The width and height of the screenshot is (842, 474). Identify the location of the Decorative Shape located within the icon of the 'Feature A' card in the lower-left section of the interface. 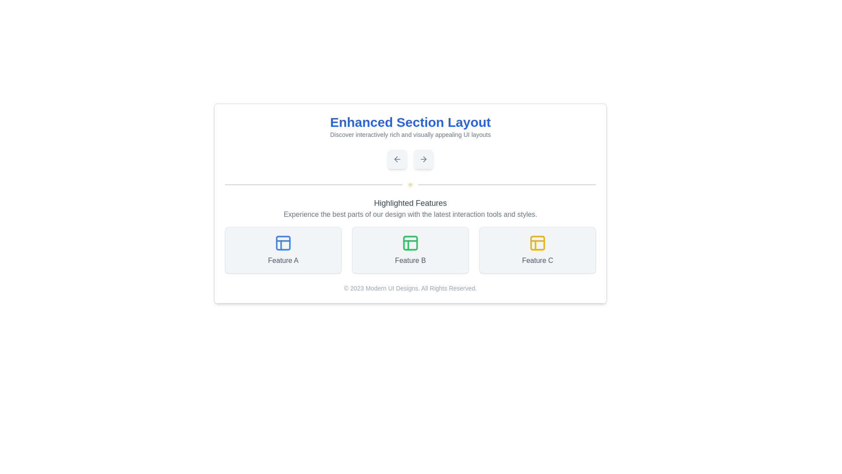
(283, 243).